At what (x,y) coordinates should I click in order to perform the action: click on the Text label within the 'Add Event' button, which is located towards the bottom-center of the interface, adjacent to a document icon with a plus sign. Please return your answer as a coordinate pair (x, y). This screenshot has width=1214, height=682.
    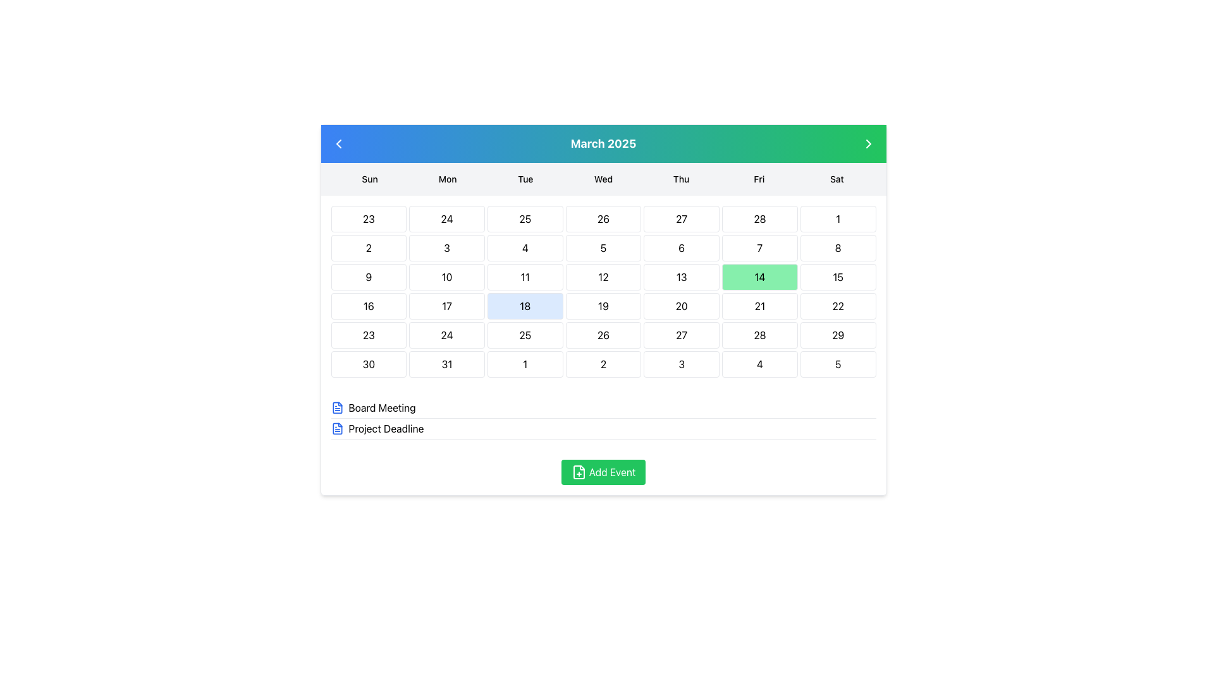
    Looking at the image, I should click on (612, 472).